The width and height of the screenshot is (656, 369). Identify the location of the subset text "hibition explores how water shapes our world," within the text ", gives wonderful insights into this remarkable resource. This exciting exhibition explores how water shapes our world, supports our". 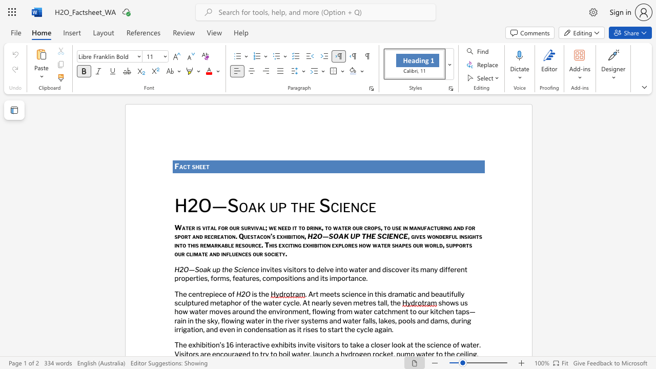
(309, 245).